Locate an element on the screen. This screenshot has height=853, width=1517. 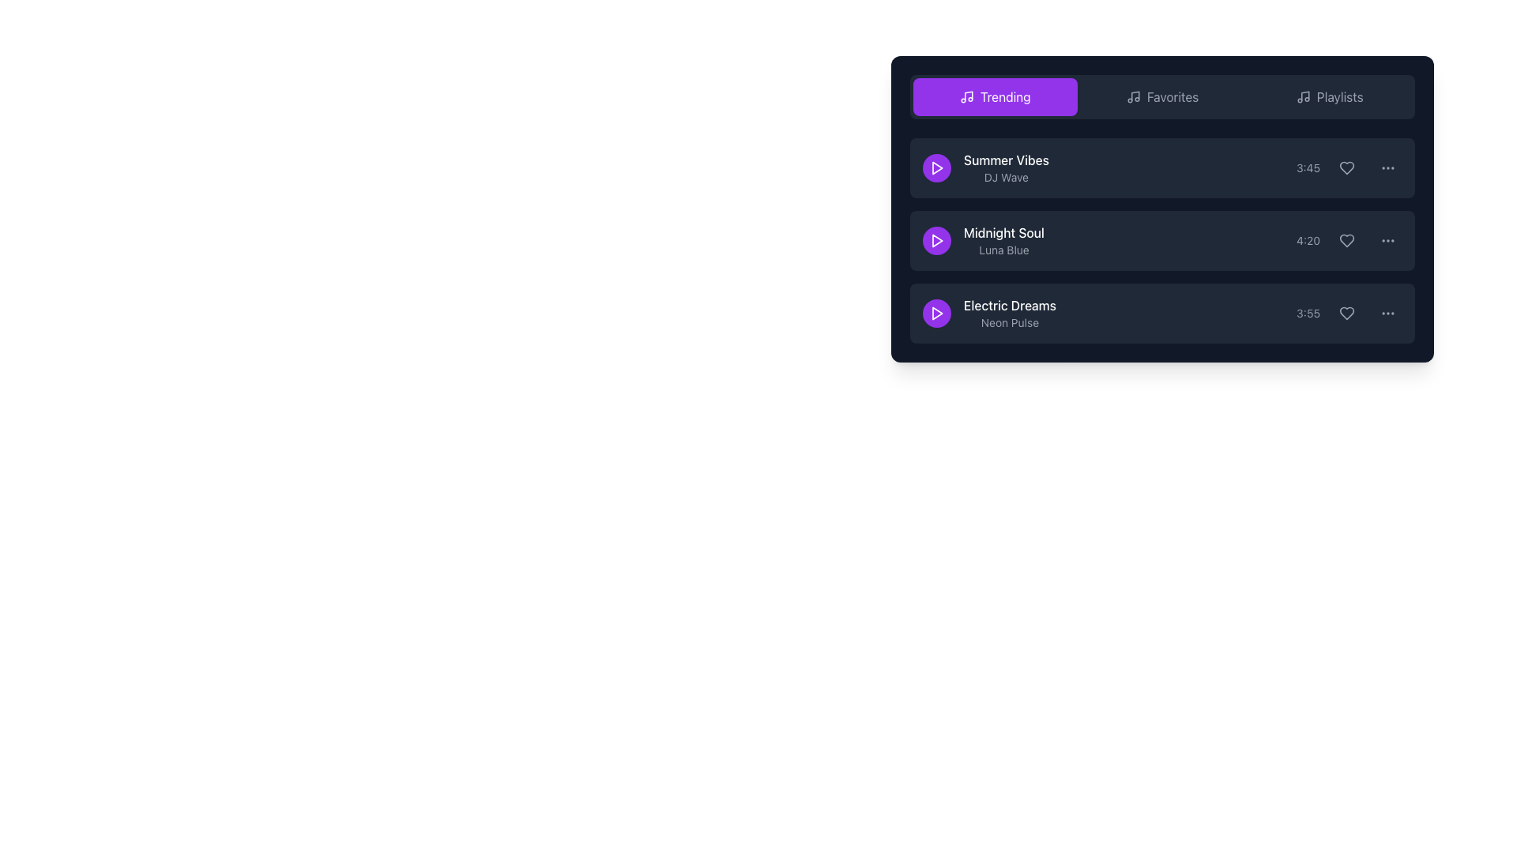
the list item displaying 'Midnight Soul' to play the track, located under 'Summer Vibes' and above 'Electric Dreams' in the 'Trending' section is located at coordinates (1162, 249).